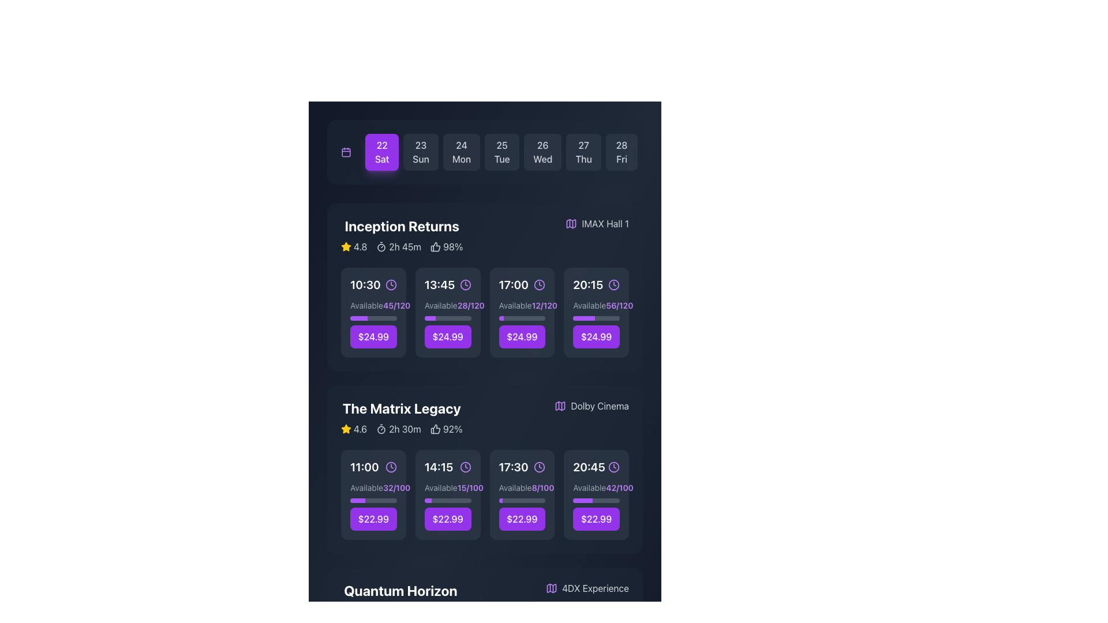 Image resolution: width=1108 pixels, height=623 pixels. Describe the element at coordinates (373, 313) in the screenshot. I see `the 'Select Seats' button located in the first row, first column of the grid under the 'Inception Returns' header to proceed with the selection` at that location.